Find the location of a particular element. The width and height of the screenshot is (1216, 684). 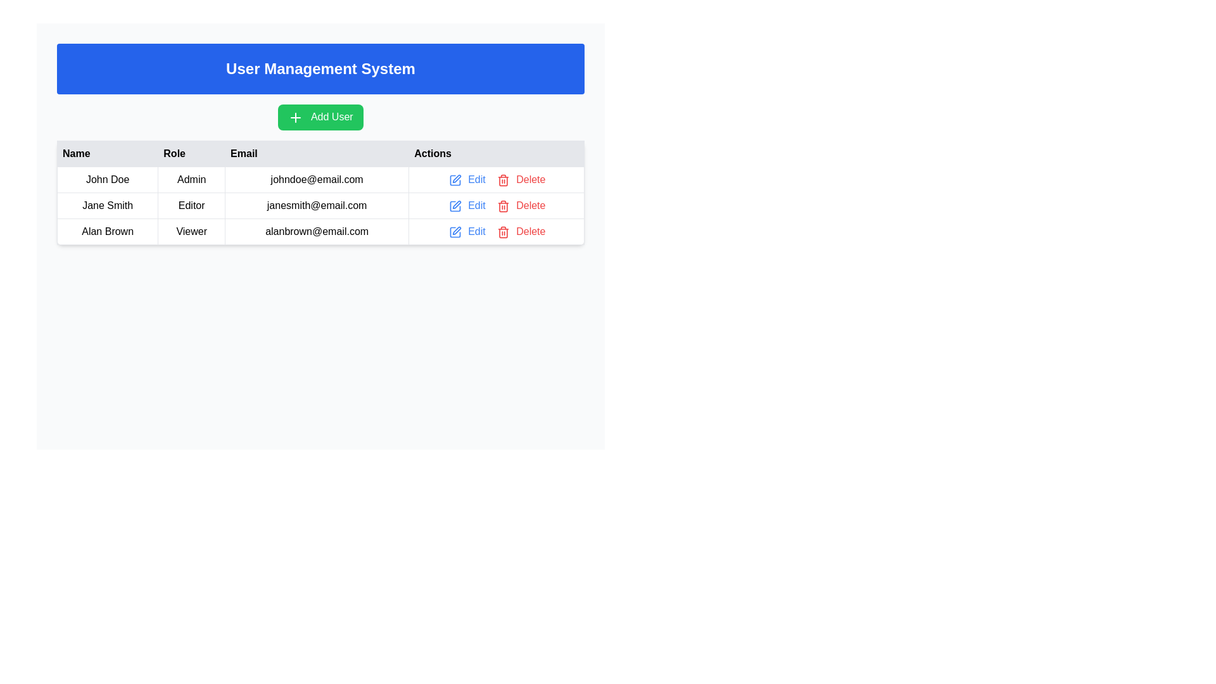

the header or banner indicating the 'User Management System', which is located at the top of the interface, above the 'Add User' button is located at coordinates (320, 68).